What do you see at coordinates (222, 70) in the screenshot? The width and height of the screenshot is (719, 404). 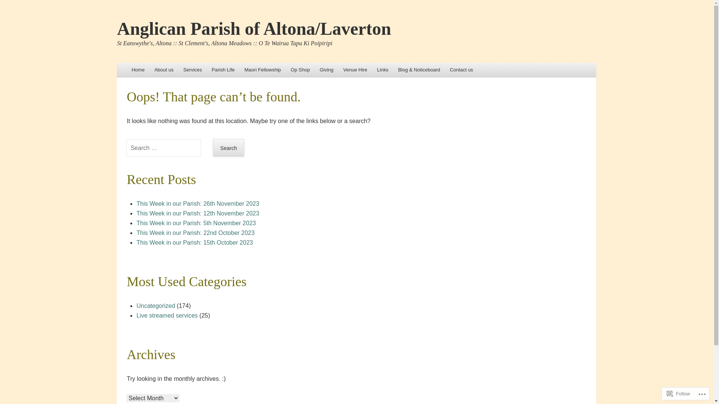 I see `'Parish Life'` at bounding box center [222, 70].